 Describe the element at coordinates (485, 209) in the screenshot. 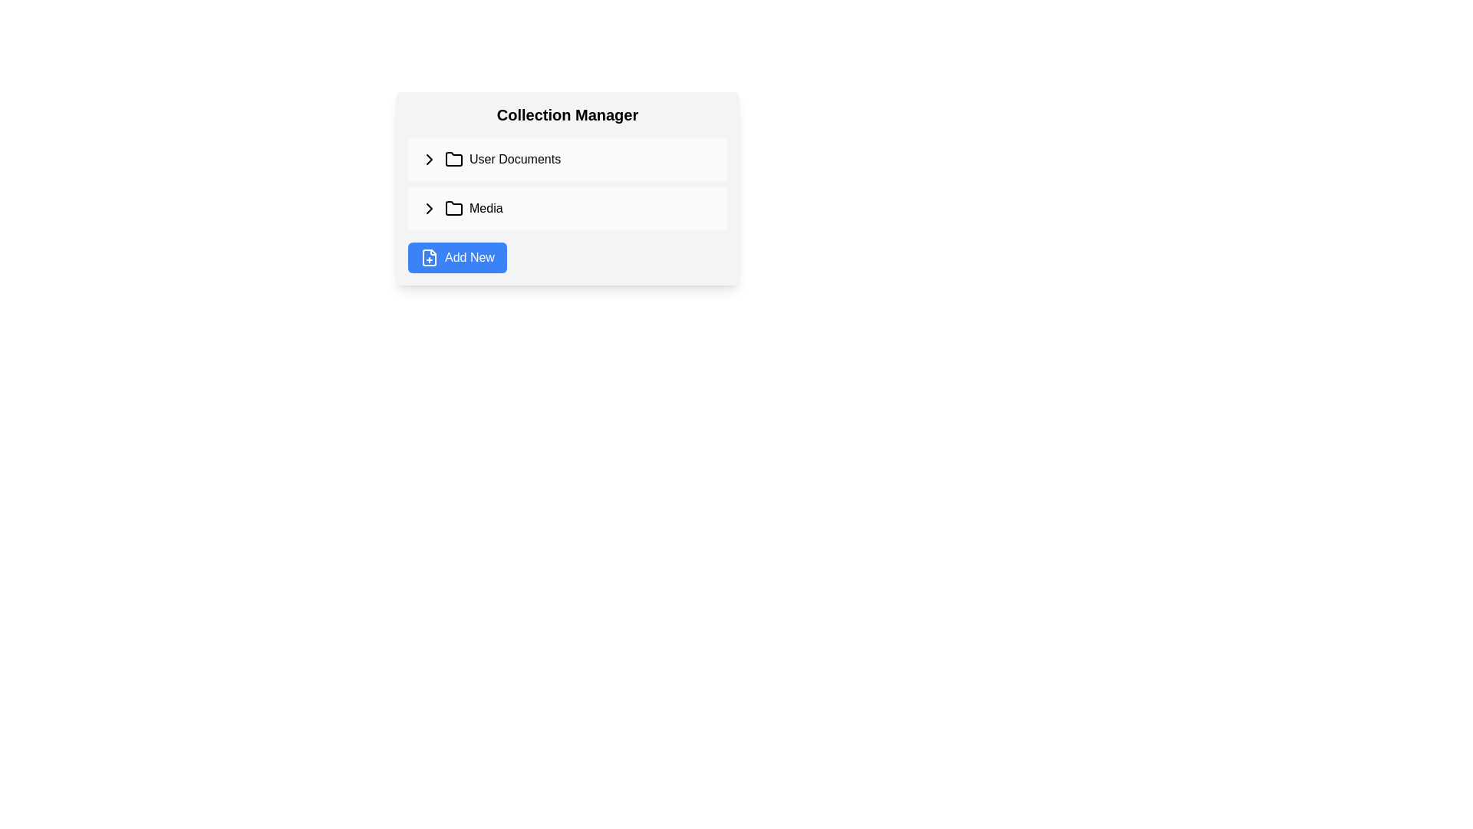

I see `the 'Media' text label, which is a bold, black font element positioned next to a folder icon in a selectable row layout` at that location.